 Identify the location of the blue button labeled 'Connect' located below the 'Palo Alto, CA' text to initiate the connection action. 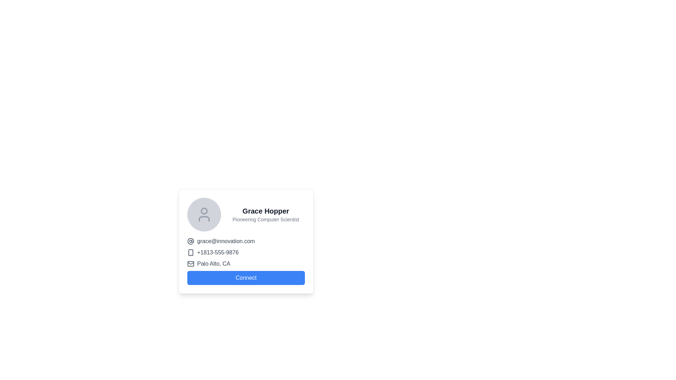
(246, 278).